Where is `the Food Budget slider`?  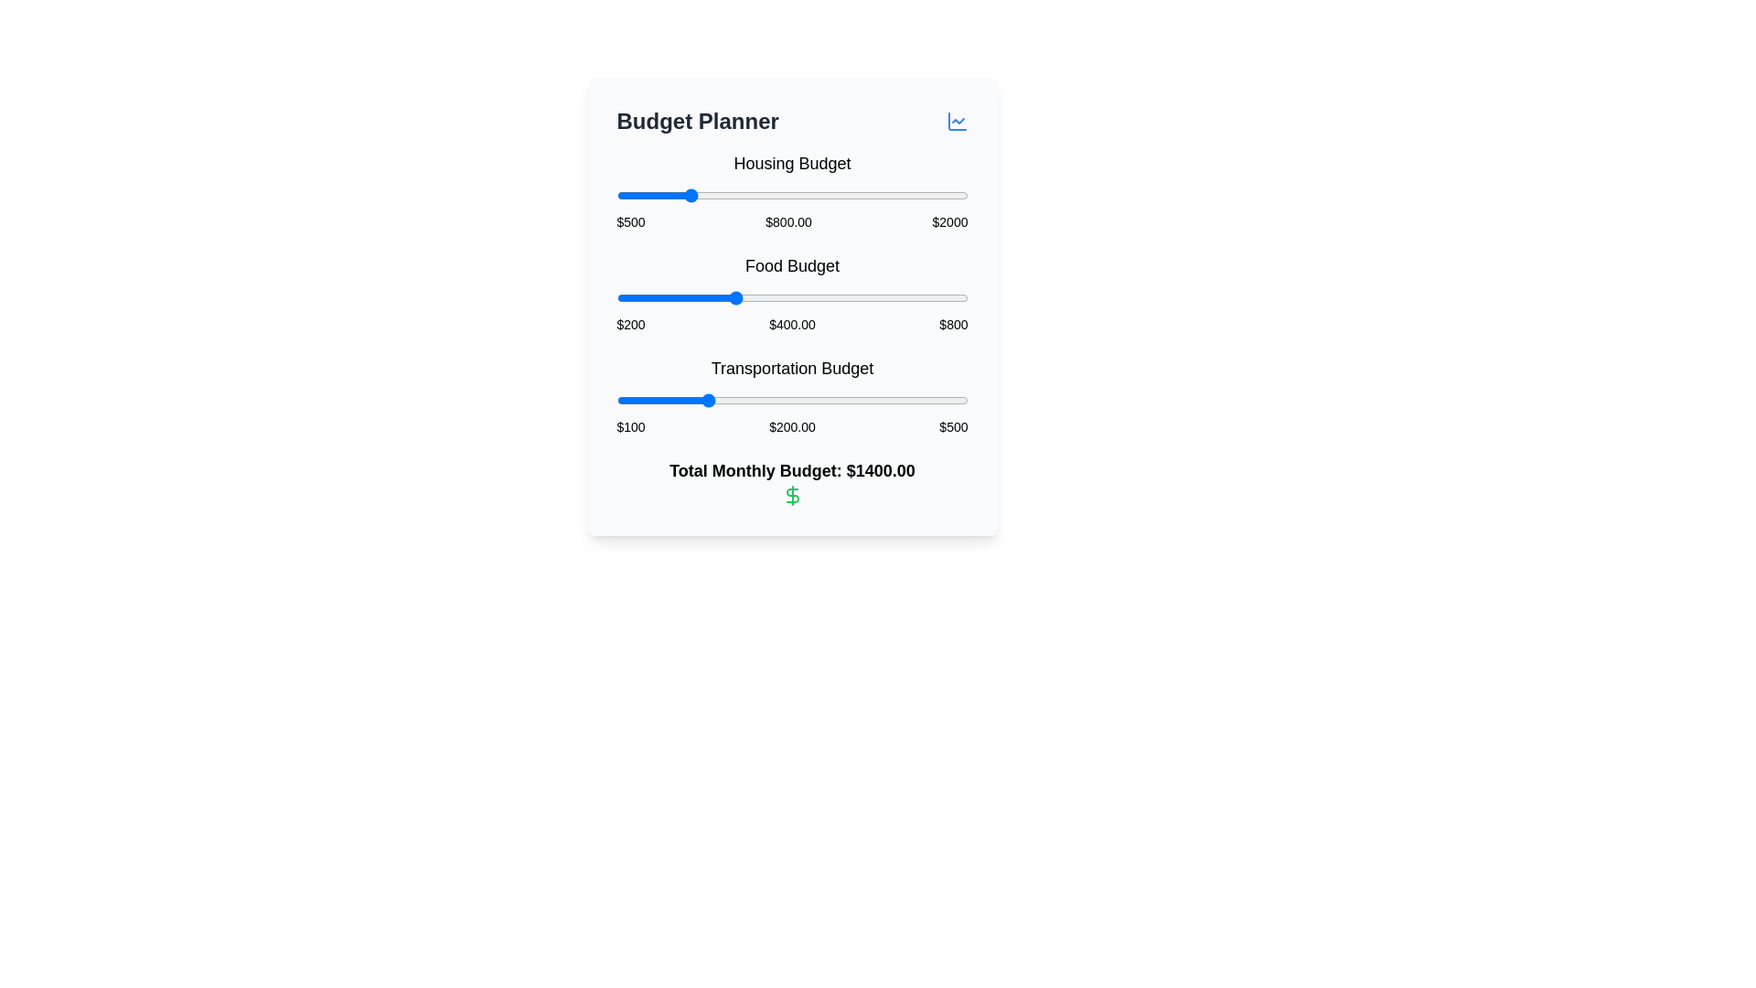 the Food Budget slider is located at coordinates (649, 297).